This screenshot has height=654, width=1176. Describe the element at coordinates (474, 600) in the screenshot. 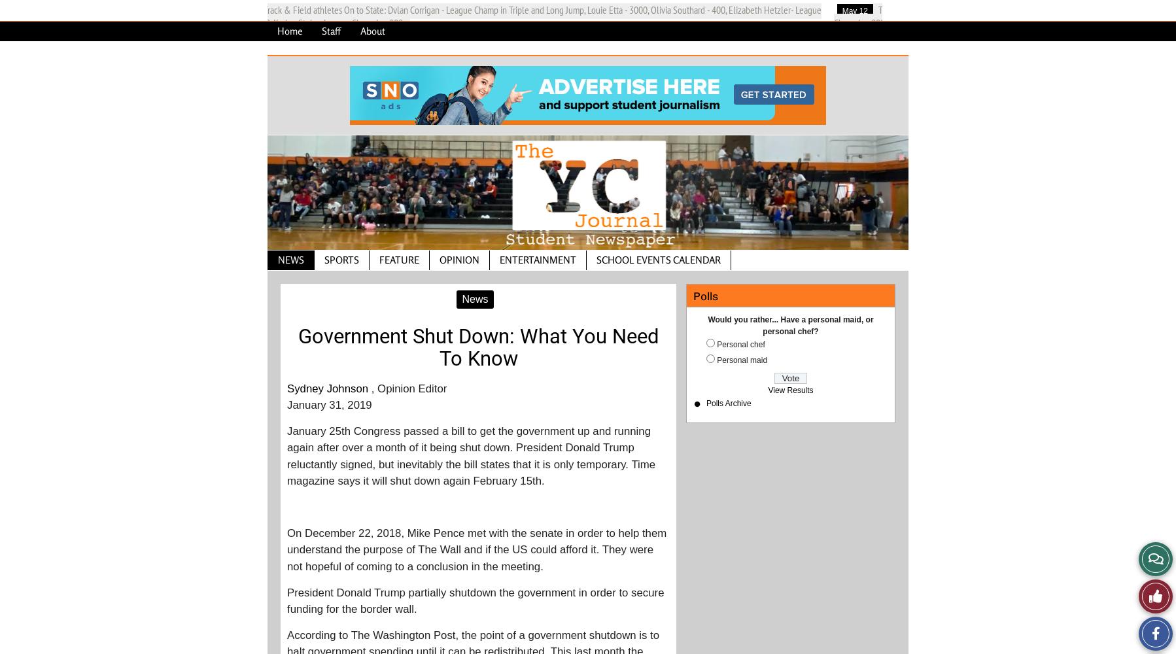

I see `'President Donald Trump partially shutdown the government in order to secure funding for the border wall.'` at that location.